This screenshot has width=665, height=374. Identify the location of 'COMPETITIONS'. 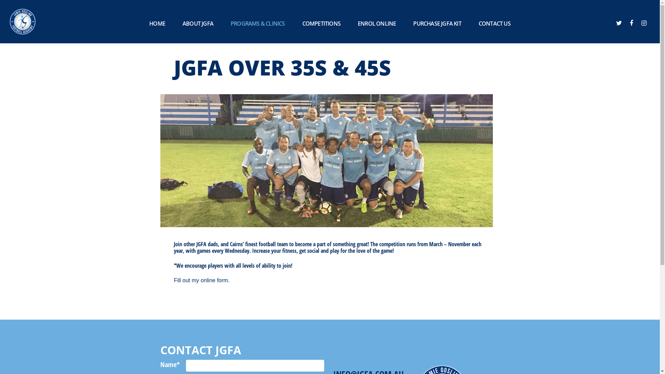
(321, 23).